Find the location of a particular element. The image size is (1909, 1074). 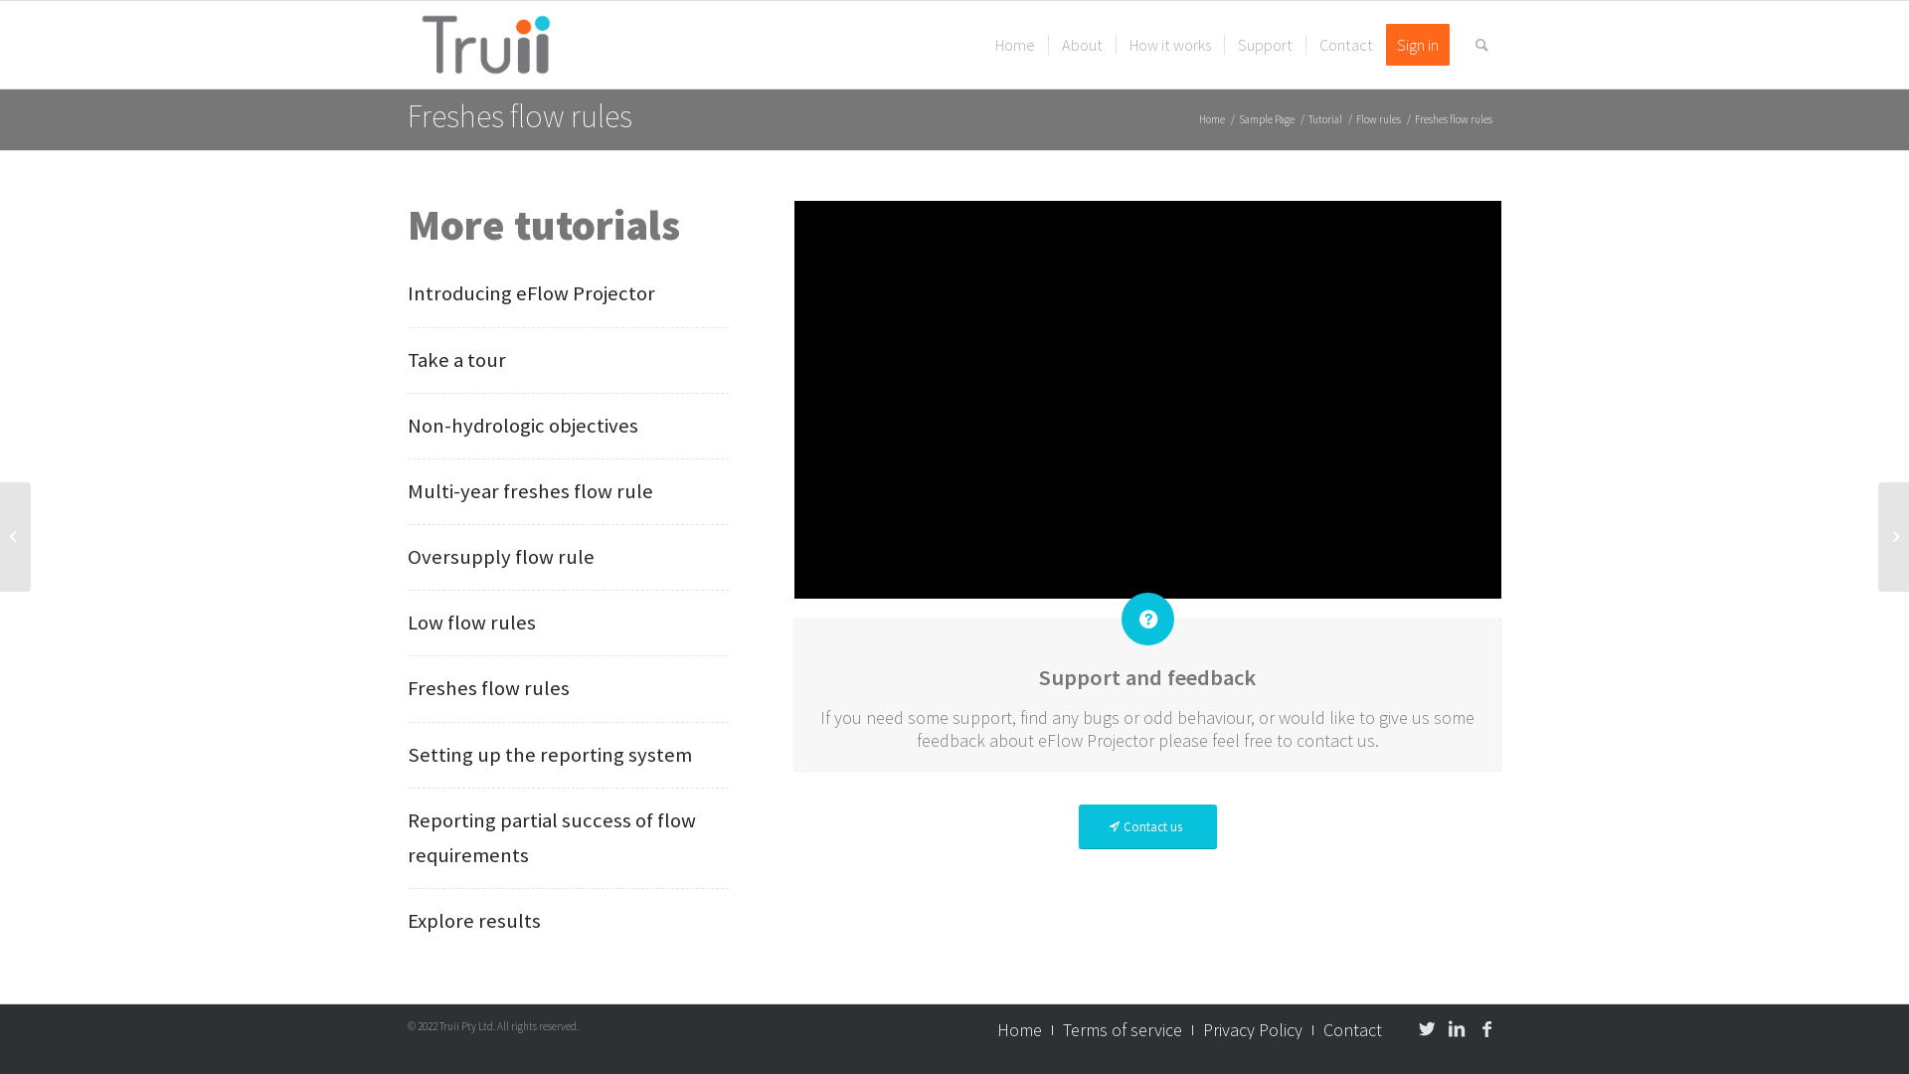

'Sign in' is located at coordinates (1423, 45).